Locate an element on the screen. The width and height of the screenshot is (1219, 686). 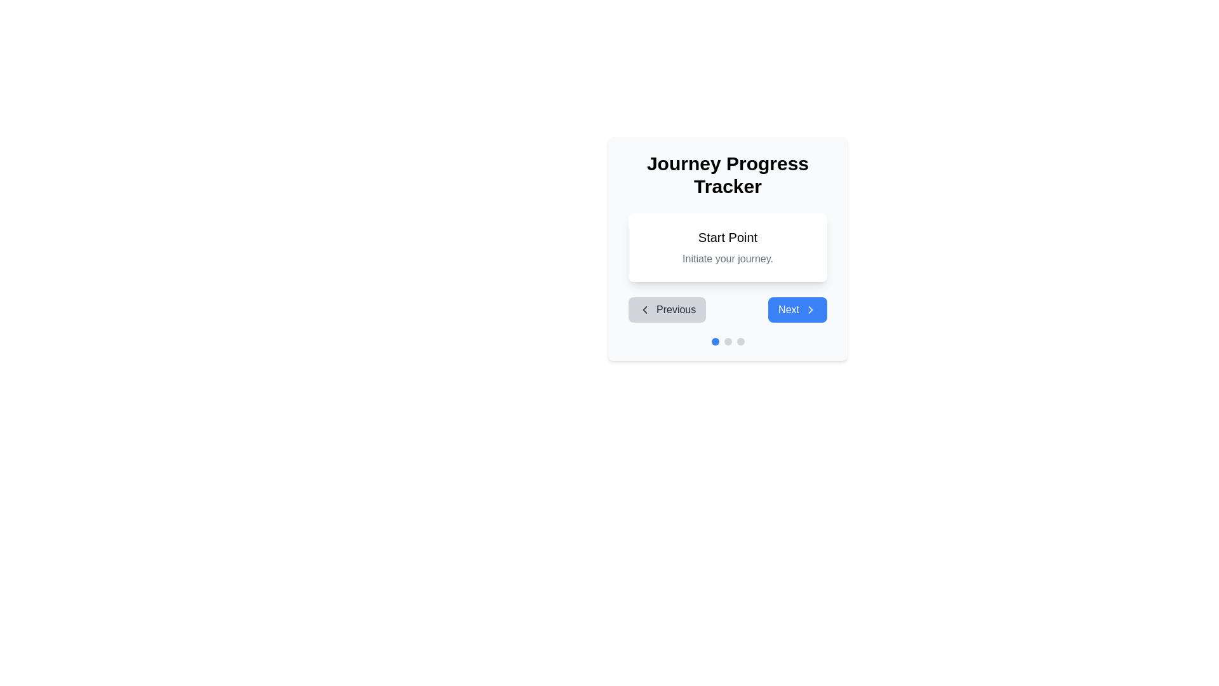
the second dot of the progress indicator, which is in an inactive state, located centrally beneath the 'Previous' and 'Next' buttons is located at coordinates (728, 340).